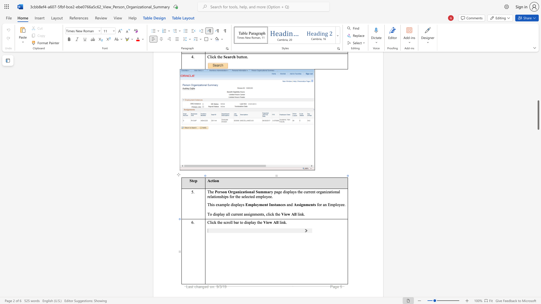 The width and height of the screenshot is (541, 304). Describe the element at coordinates (247, 196) in the screenshot. I see `the 7th character "e" in the text` at that location.